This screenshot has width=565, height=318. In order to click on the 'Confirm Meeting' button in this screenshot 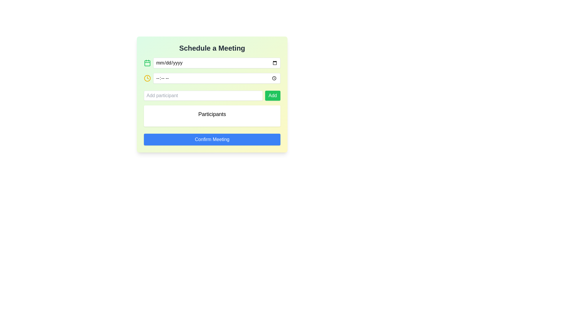, I will do `click(212, 140)`.